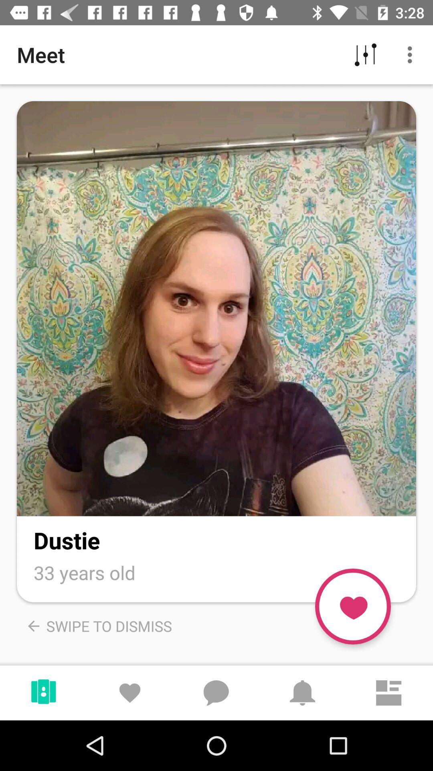 The width and height of the screenshot is (433, 771). What do you see at coordinates (85, 572) in the screenshot?
I see `the icon above the swipe to dismiss item` at bounding box center [85, 572].